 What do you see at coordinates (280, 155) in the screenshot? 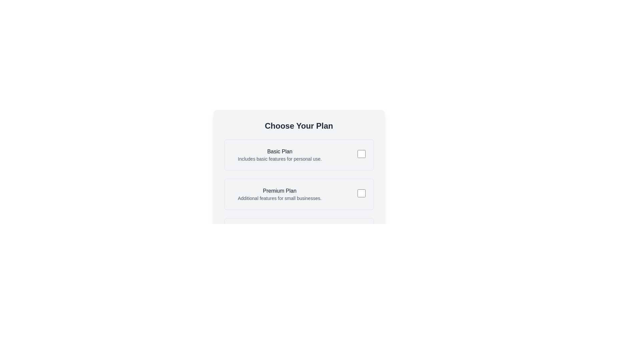
I see `'Basic Plan' text label which includes the title and description, located under the header 'Choose Your Plan' and positioned to the left of a checkbox` at bounding box center [280, 155].